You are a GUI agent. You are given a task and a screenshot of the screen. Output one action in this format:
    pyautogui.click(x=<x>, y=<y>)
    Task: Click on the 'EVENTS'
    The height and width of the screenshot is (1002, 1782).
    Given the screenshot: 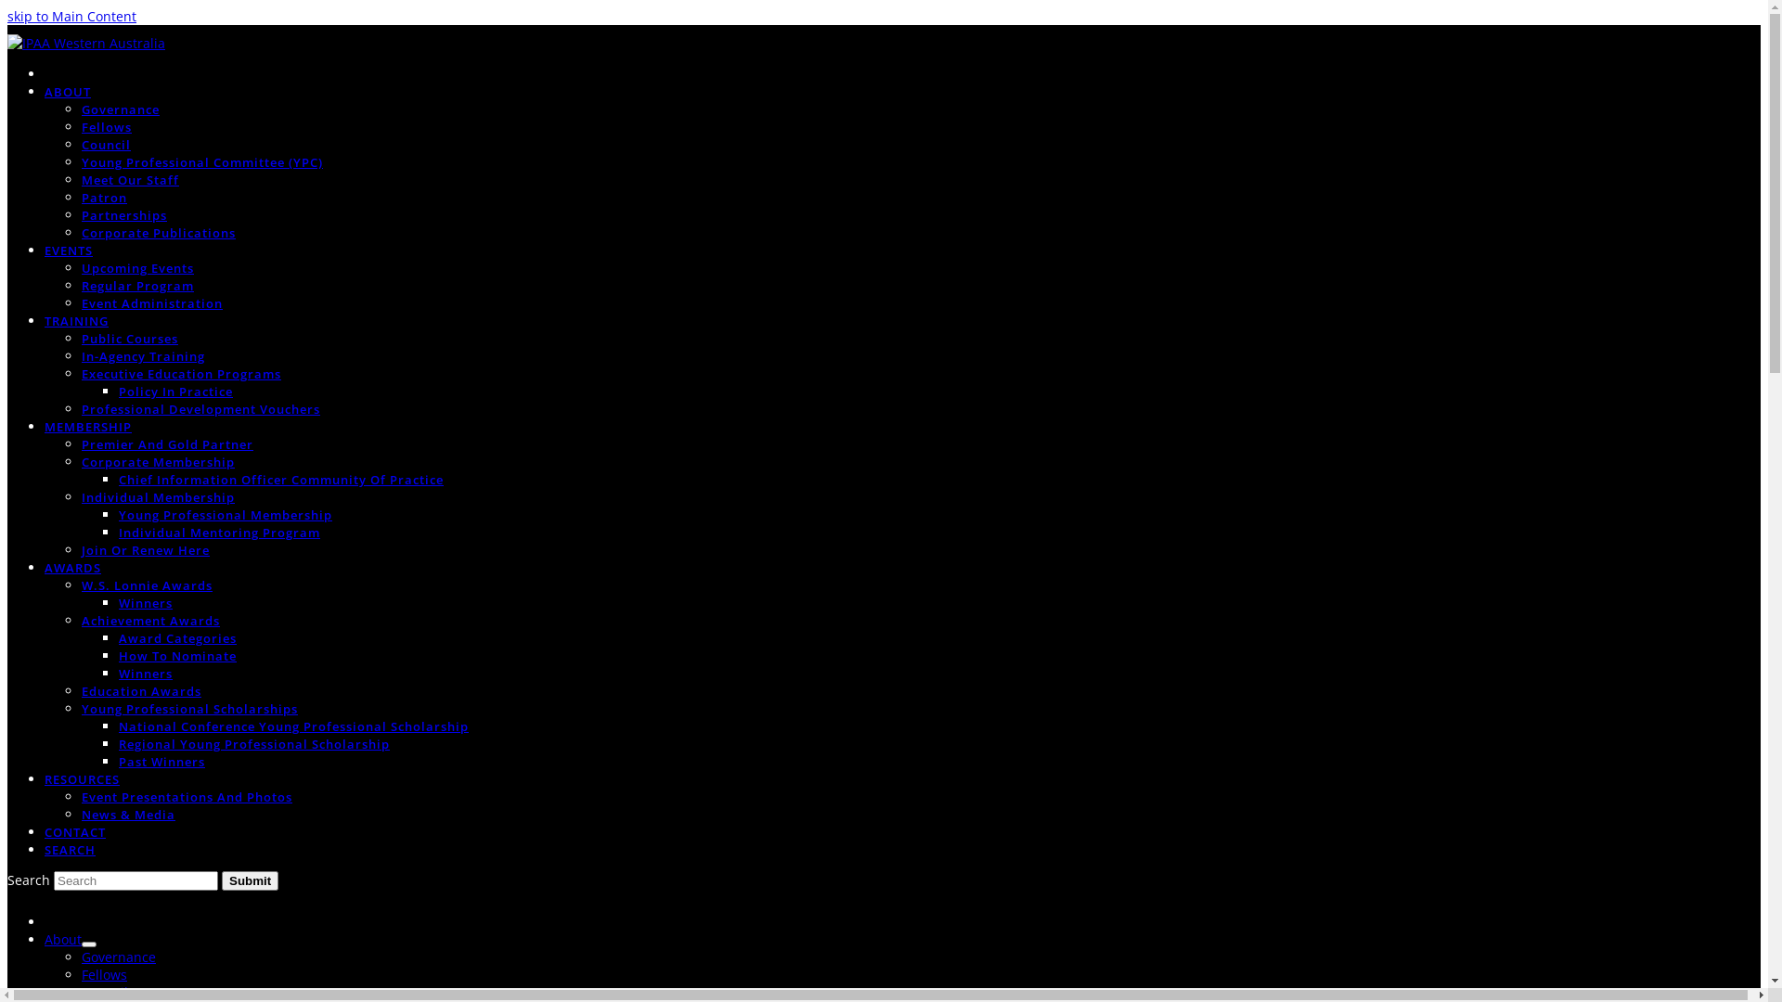 What is the action you would take?
    pyautogui.click(x=68, y=249)
    